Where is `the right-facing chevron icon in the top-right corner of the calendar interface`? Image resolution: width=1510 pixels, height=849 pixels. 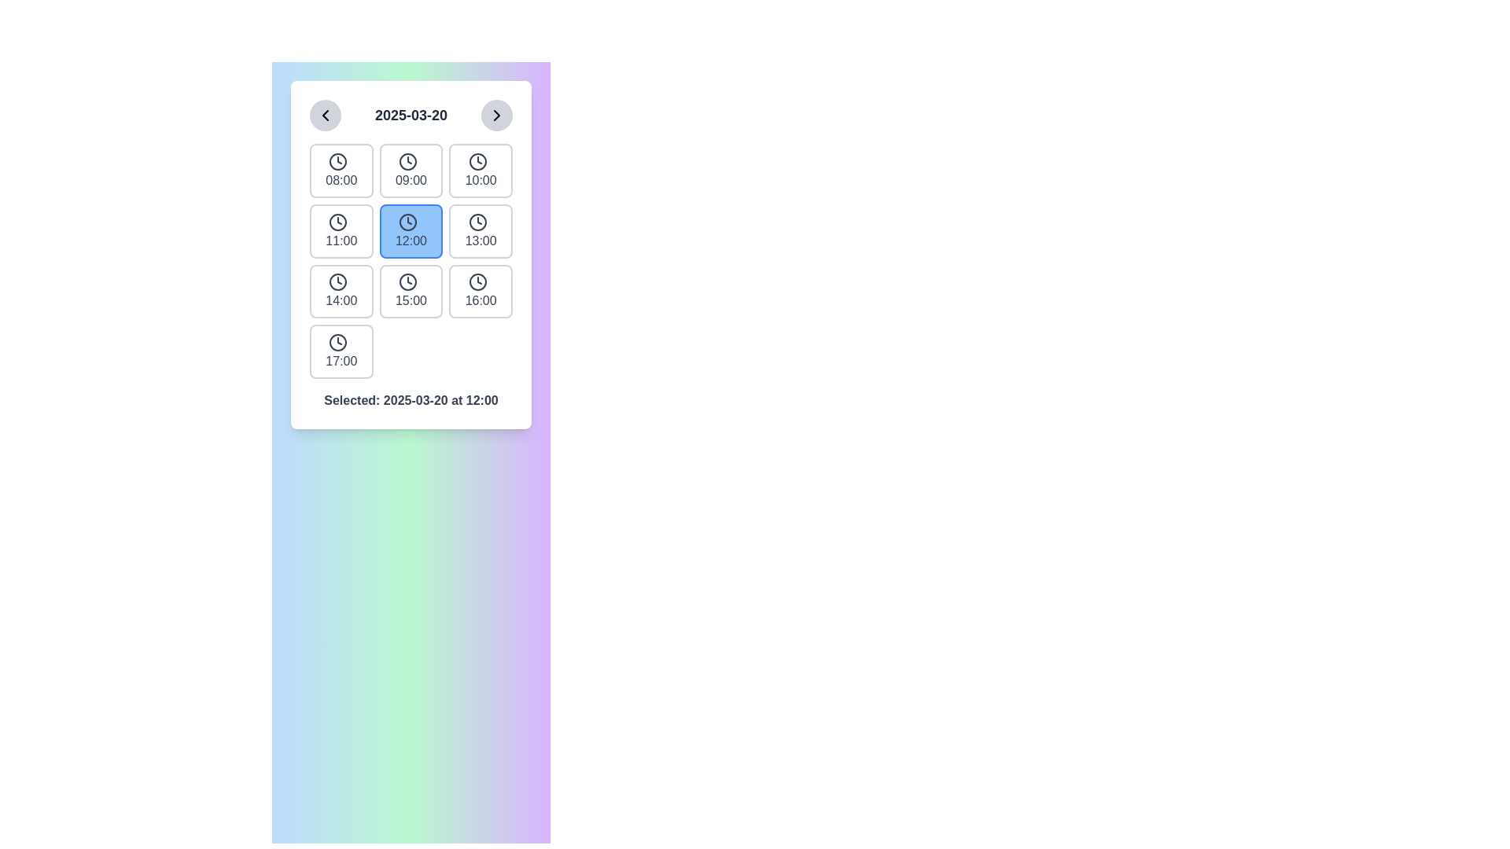
the right-facing chevron icon in the top-right corner of the calendar interface is located at coordinates (496, 114).